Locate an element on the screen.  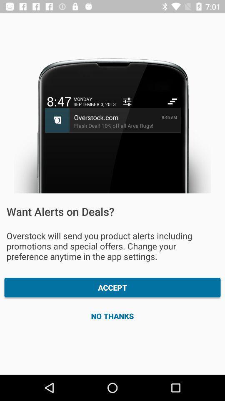
the accept item is located at coordinates (112, 287).